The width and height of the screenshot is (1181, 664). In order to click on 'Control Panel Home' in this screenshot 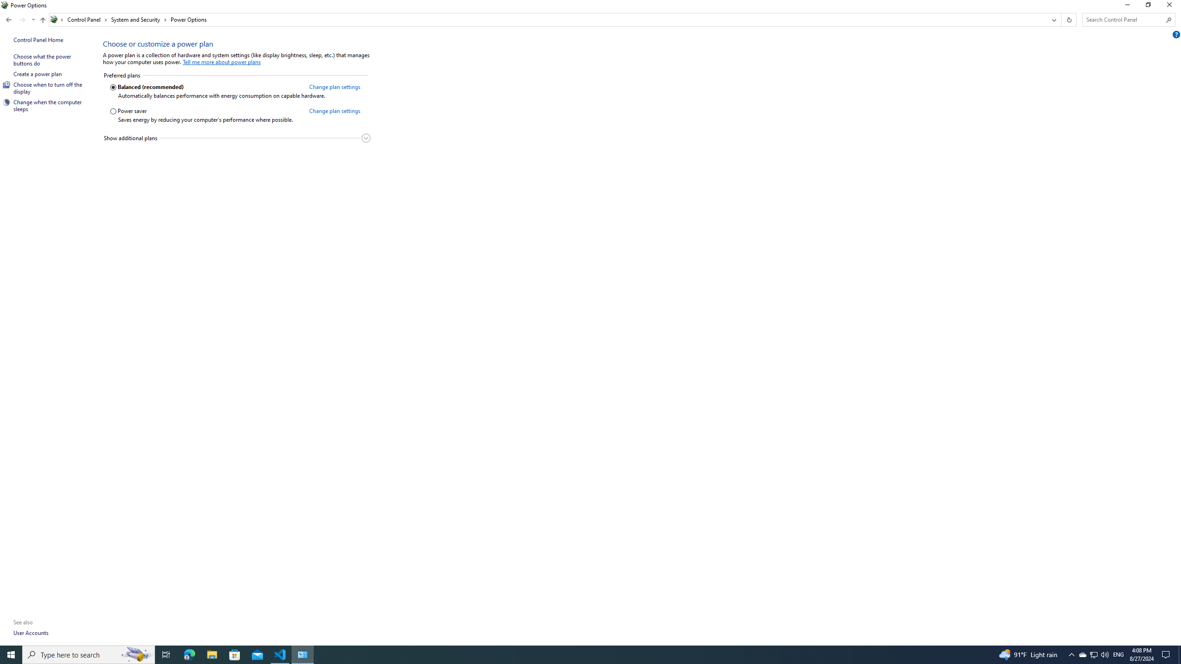, I will do `click(38, 39)`.